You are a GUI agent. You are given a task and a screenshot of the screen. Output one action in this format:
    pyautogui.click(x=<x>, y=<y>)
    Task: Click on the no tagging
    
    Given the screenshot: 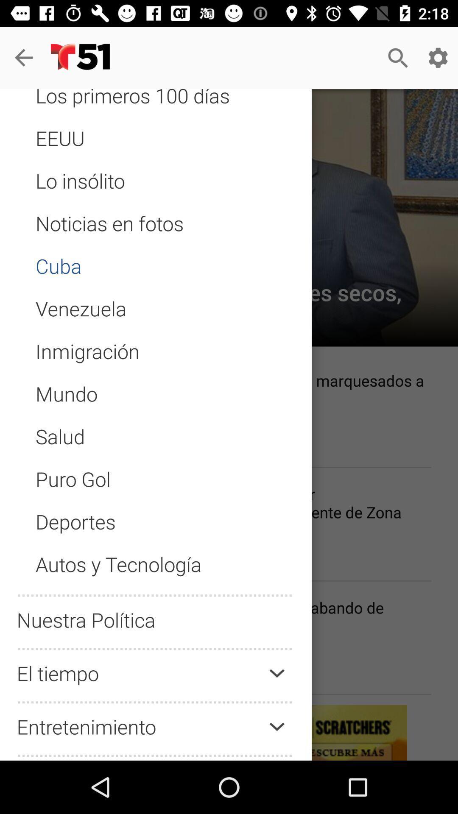 What is the action you would take?
    pyautogui.click(x=156, y=443)
    